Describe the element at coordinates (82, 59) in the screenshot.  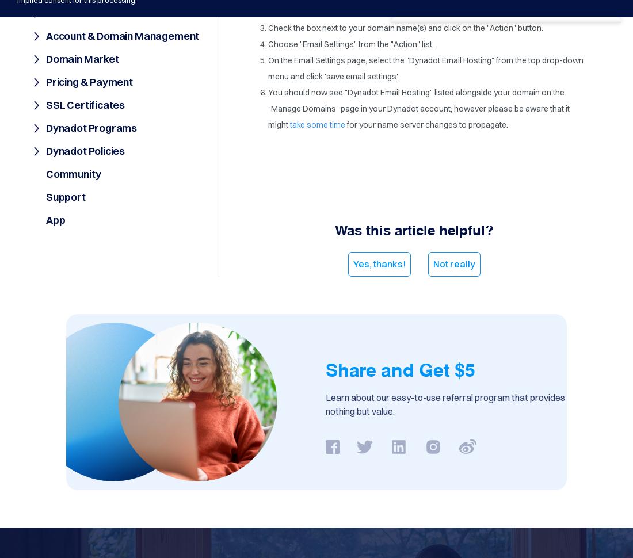
I see `'Domain Market'` at that location.